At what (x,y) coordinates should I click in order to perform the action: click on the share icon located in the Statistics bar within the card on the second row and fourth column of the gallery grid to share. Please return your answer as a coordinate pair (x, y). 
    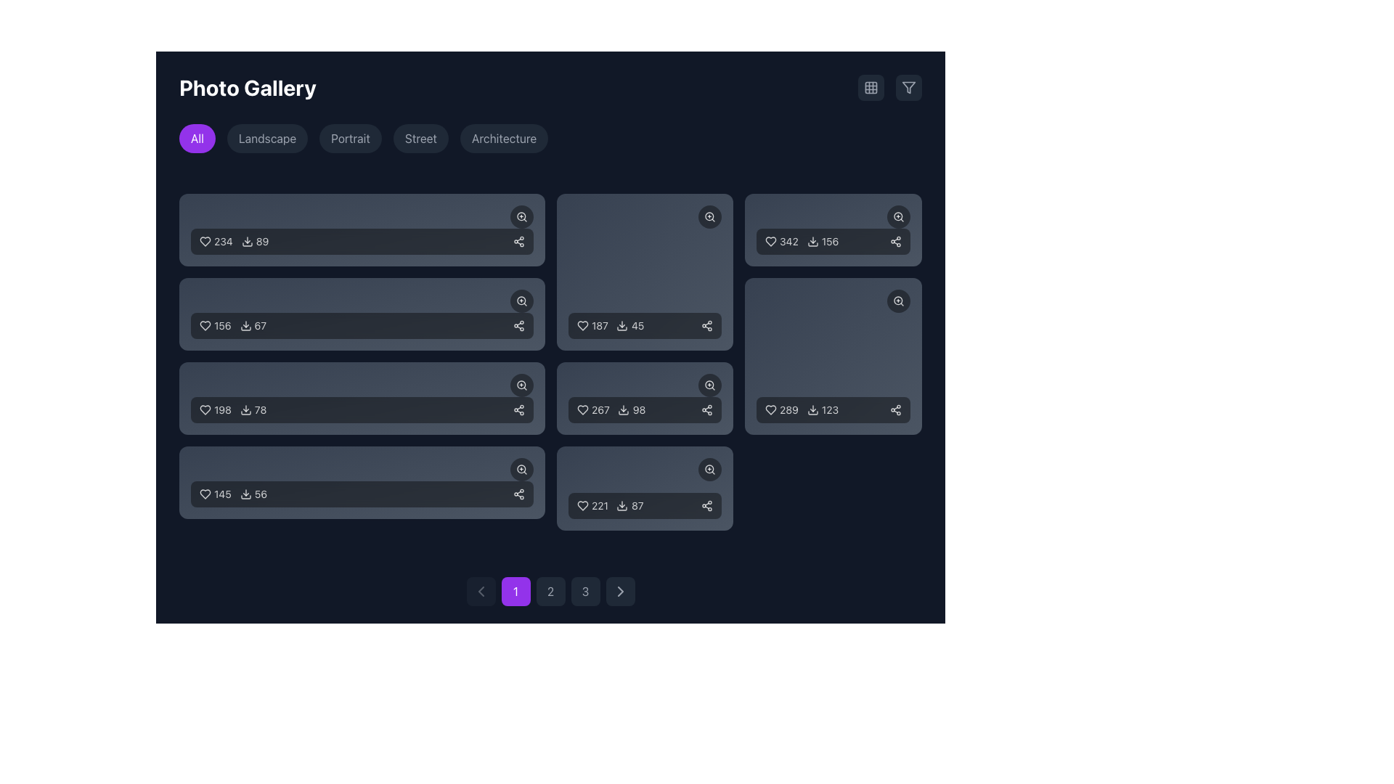
    Looking at the image, I should click on (644, 398).